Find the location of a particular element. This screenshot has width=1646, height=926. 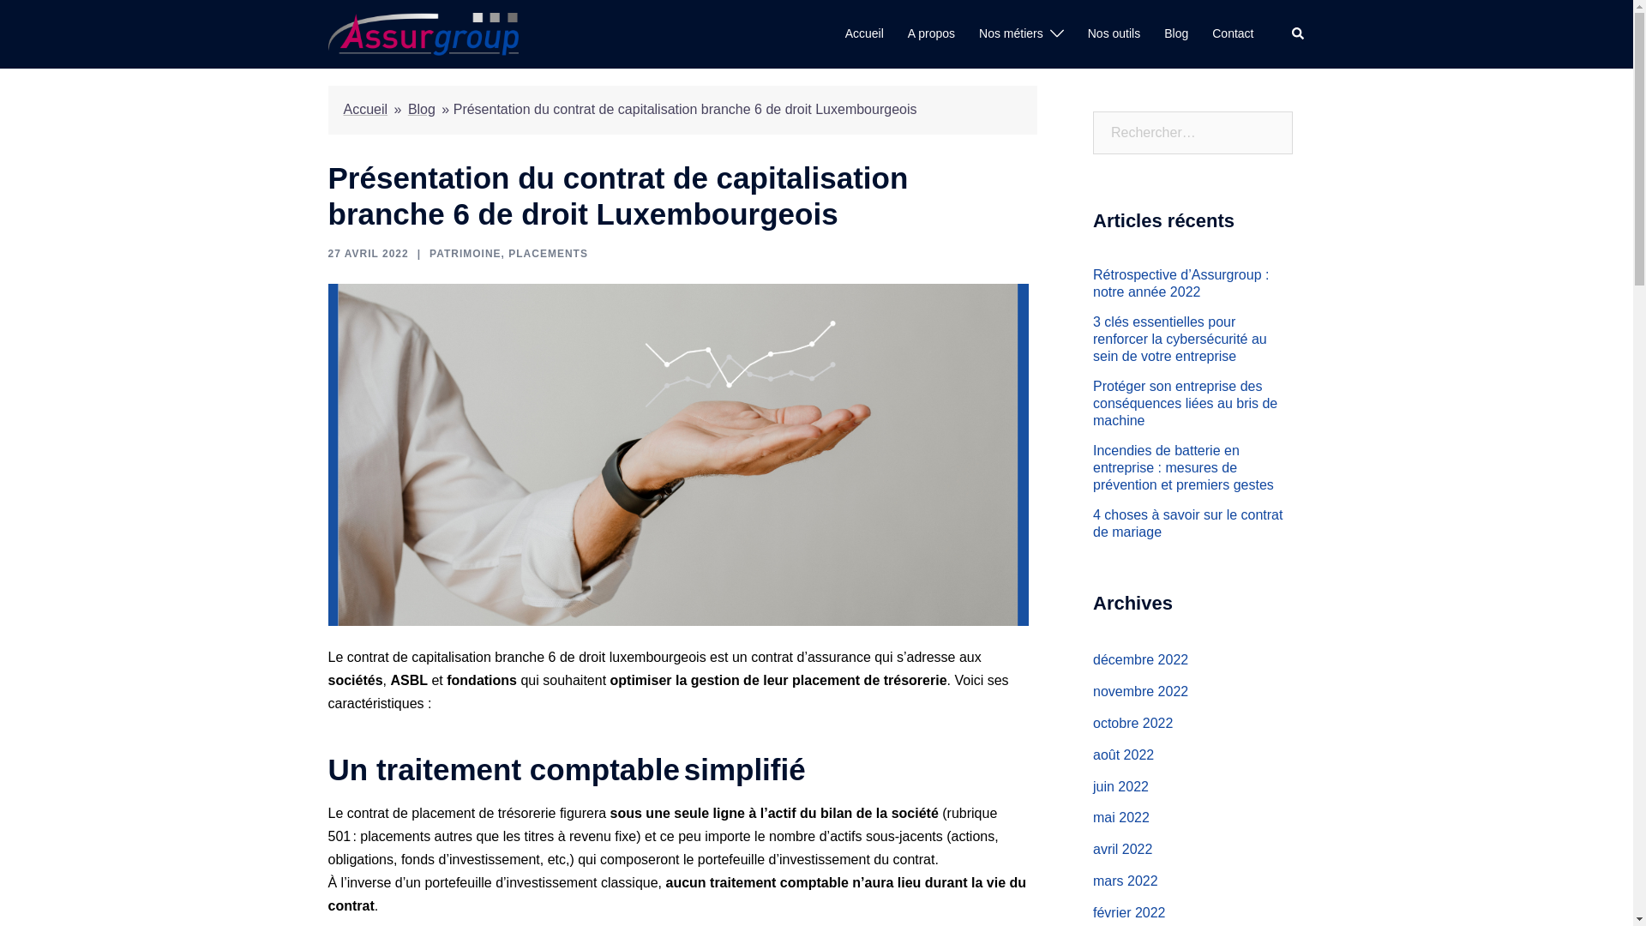

'mars 2022' is located at coordinates (1126, 881).